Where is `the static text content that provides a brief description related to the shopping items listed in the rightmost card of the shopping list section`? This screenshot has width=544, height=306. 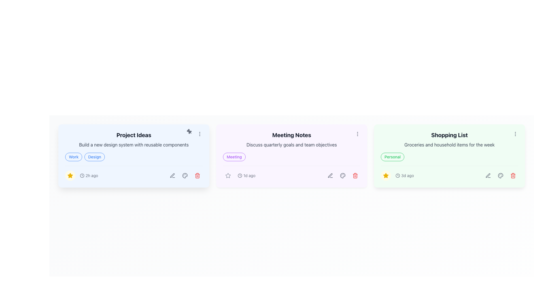 the static text content that provides a brief description related to the shopping items listed in the rightmost card of the shopping list section is located at coordinates (449, 144).